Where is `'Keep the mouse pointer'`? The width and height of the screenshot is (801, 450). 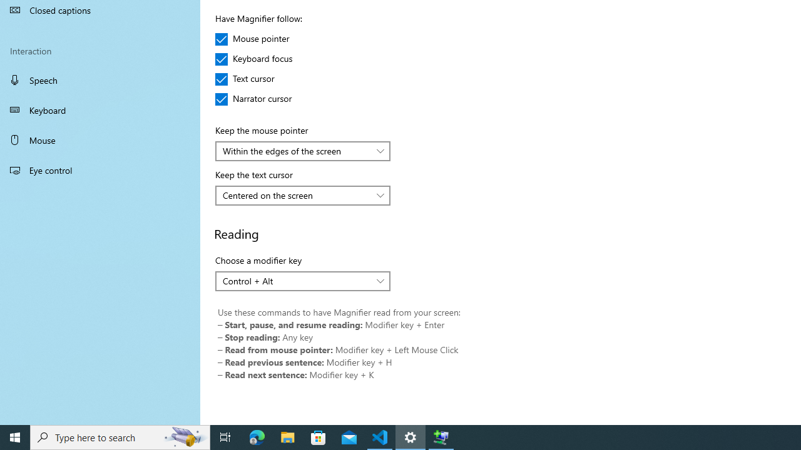 'Keep the mouse pointer' is located at coordinates (303, 150).